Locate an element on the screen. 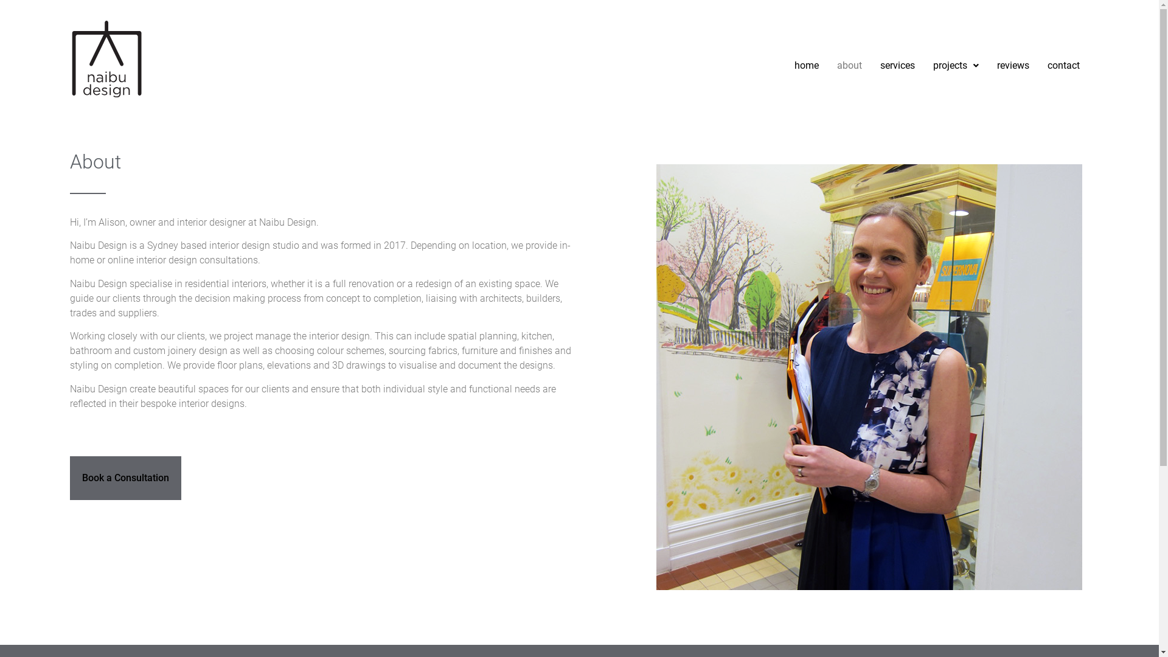 Image resolution: width=1168 pixels, height=657 pixels. 'services' is located at coordinates (897, 66).